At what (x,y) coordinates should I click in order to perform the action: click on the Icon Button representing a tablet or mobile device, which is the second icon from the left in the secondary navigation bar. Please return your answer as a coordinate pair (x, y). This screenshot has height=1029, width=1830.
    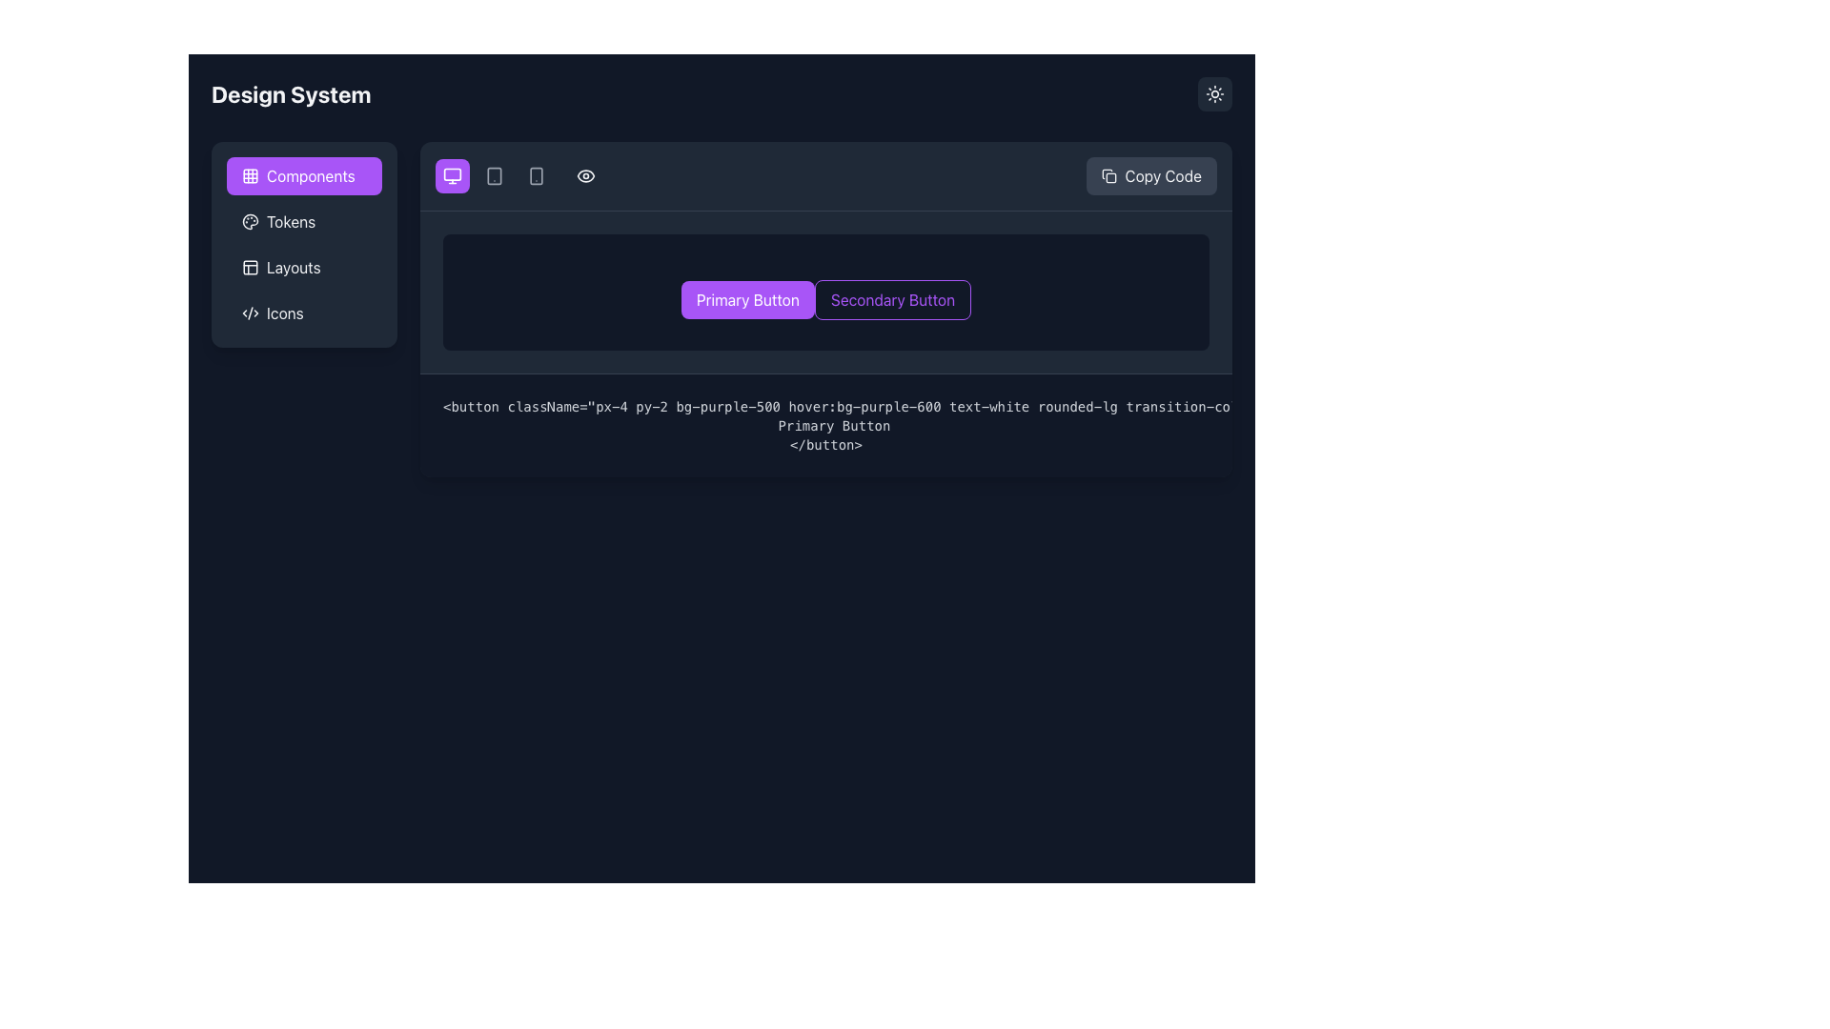
    Looking at the image, I should click on (494, 176).